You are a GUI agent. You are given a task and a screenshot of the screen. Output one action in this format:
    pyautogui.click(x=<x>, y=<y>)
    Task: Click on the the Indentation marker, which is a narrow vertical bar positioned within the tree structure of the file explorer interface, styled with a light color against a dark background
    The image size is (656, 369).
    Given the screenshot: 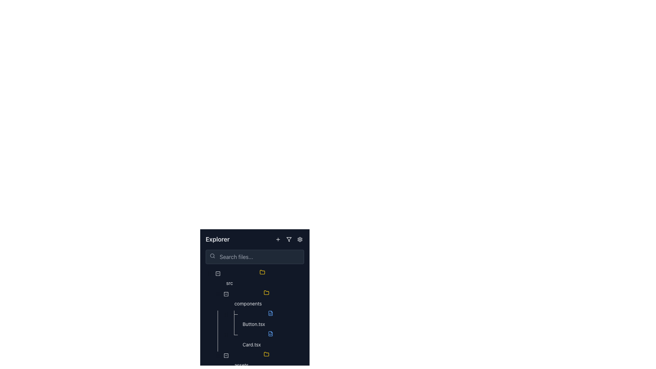 What is the action you would take?
    pyautogui.click(x=218, y=320)
    